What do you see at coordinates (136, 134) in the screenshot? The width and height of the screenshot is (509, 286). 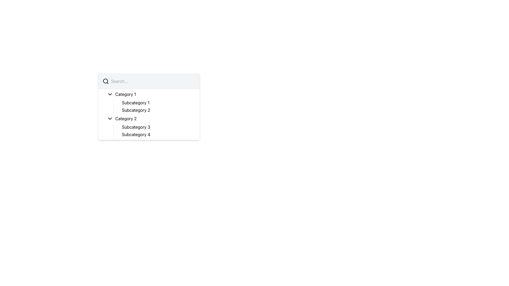 I see `the 'Subcategory 4' text label, which is aligned to the left and located under the 'Category 2' expandable menu as the second sub-item below 'Subcategory 3'` at bounding box center [136, 134].